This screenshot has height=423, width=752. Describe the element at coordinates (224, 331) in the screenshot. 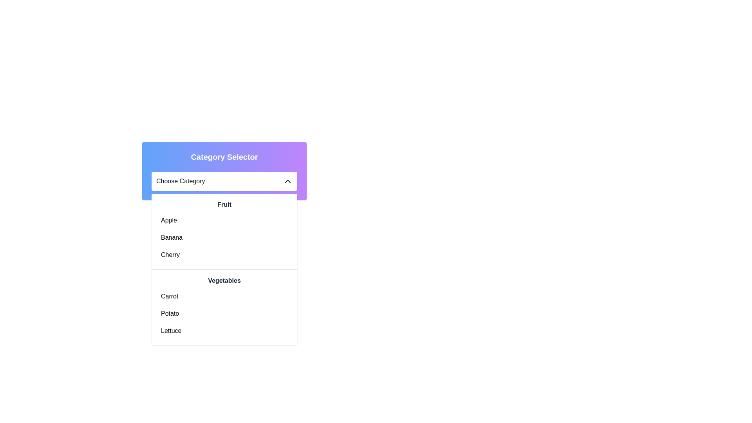

I see `the selectable list item labeled 'Lettuce'` at that location.